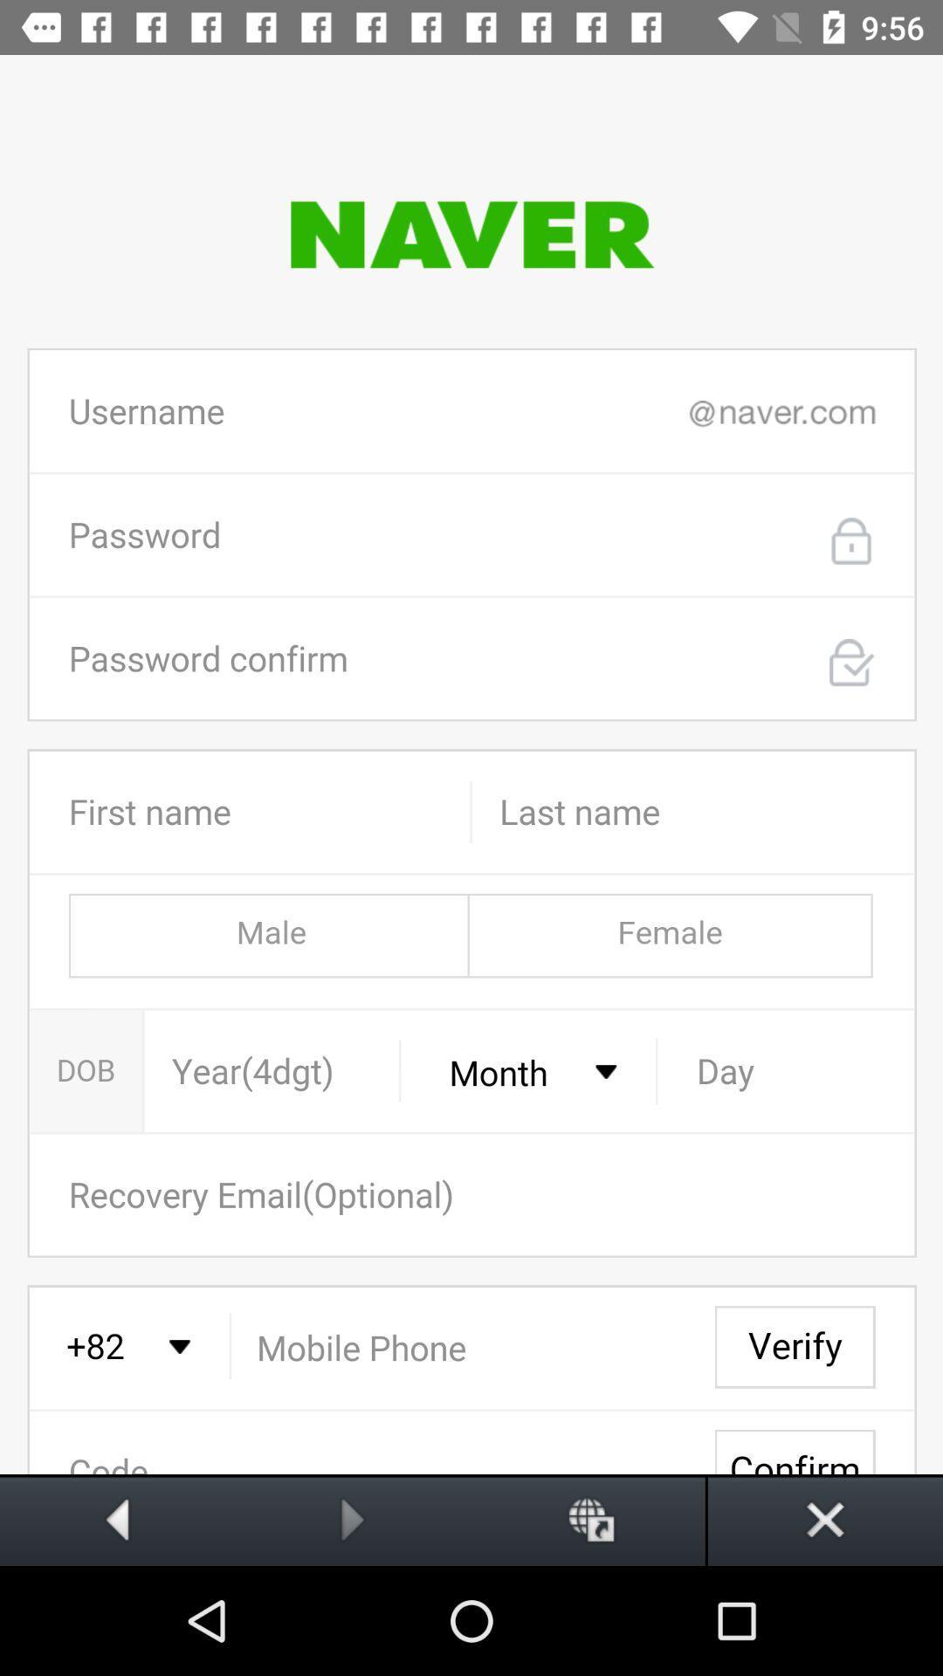 The height and width of the screenshot is (1676, 943). What do you see at coordinates (117, 1519) in the screenshot?
I see `the arrow_backward icon` at bounding box center [117, 1519].